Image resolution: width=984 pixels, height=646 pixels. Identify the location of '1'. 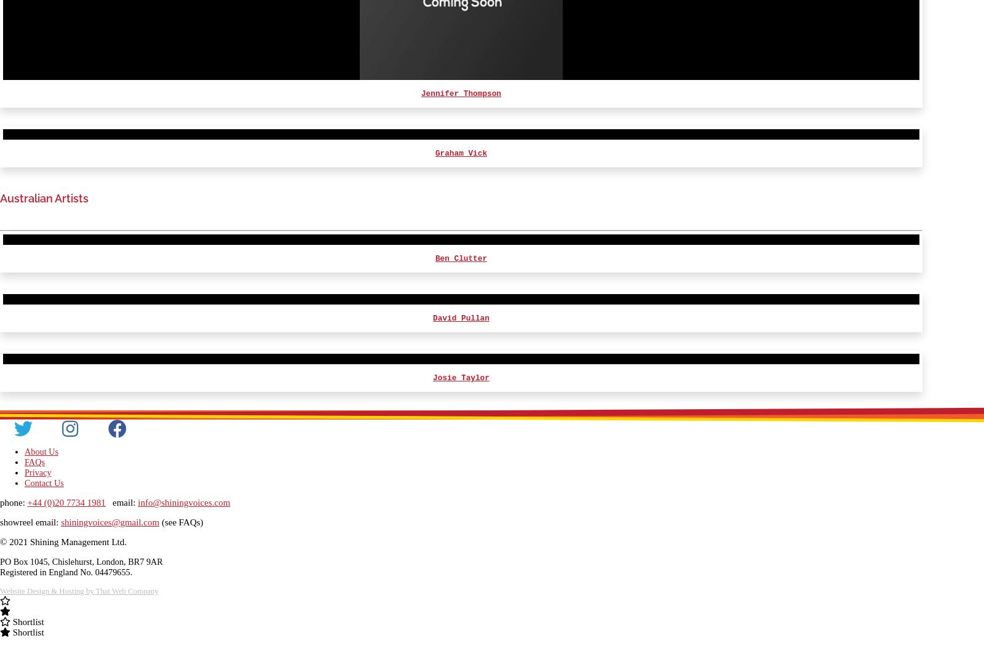
(908, 495).